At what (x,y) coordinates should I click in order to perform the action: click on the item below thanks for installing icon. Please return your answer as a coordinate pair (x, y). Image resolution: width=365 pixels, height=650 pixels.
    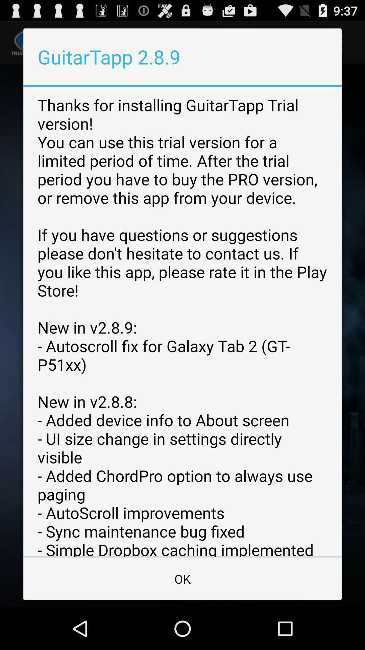
    Looking at the image, I should click on (182, 578).